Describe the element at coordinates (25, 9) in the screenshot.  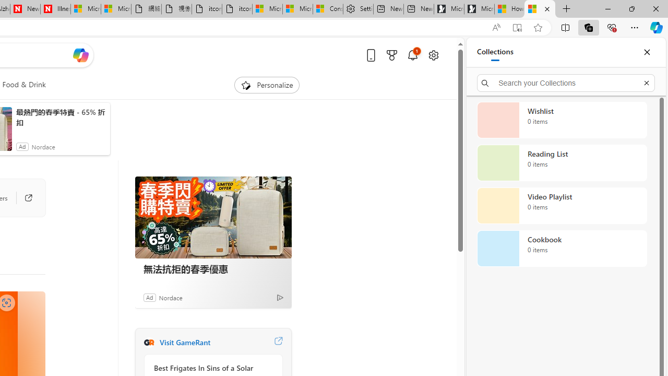
I see `'Newsweek - News, Analysis, Politics, Business, Technology'` at that location.